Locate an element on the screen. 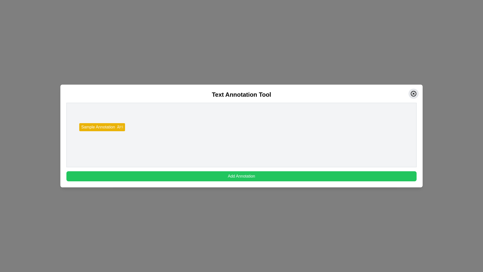  the remove button next to the annotation labeled 'Sample Annotation' is located at coordinates (119, 127).